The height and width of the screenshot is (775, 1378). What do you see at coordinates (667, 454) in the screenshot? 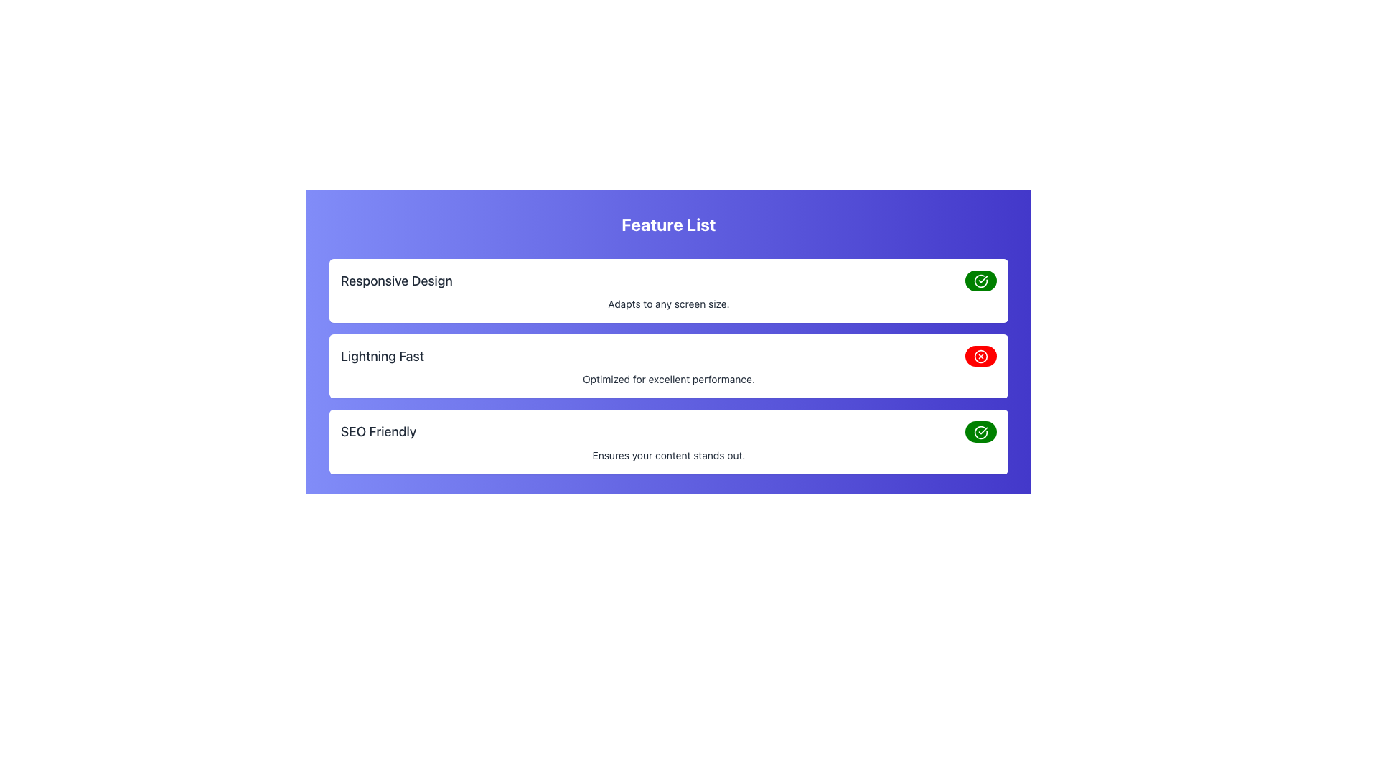
I see `the static text element that reads 'Ensures your content stands out.' located beneath the 'SEO Friendly' heading` at bounding box center [667, 454].